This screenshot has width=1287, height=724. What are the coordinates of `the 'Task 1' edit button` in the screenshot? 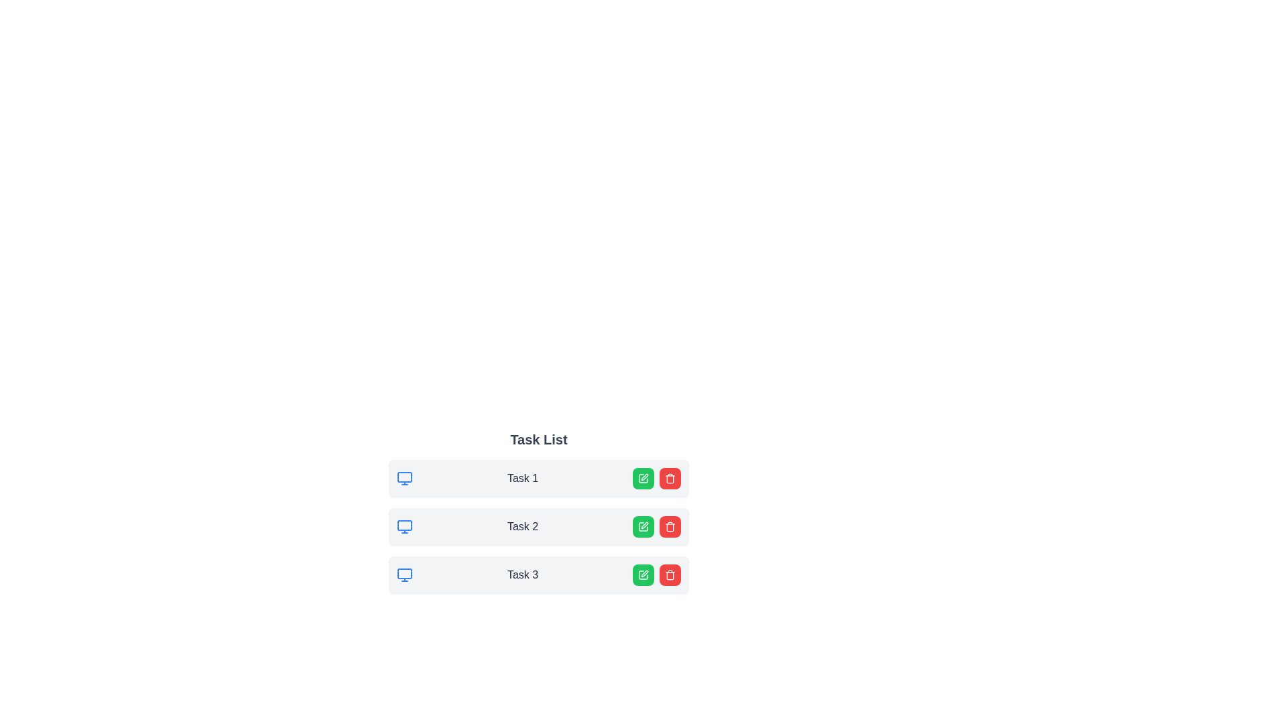 It's located at (643, 477).